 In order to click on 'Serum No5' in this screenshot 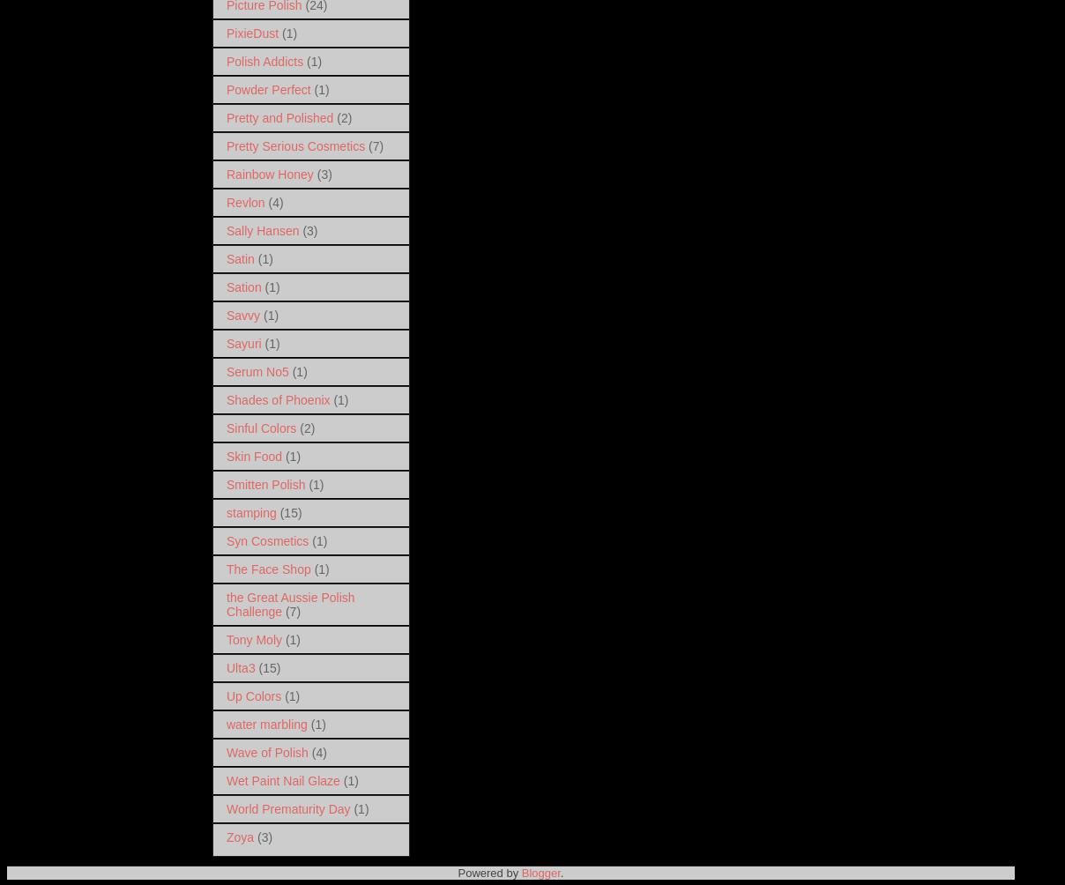, I will do `click(257, 369)`.